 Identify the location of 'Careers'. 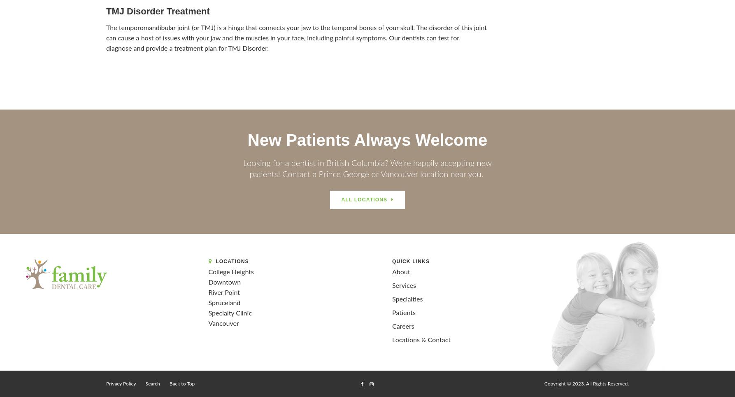
(392, 326).